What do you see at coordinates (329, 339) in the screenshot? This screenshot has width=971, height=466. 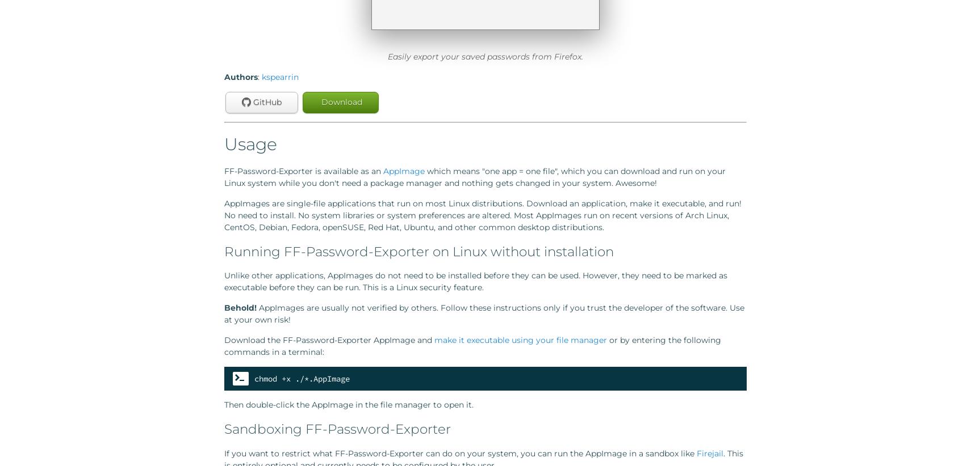 I see `'Download the FF-Password-Exporter AppImage and'` at bounding box center [329, 339].